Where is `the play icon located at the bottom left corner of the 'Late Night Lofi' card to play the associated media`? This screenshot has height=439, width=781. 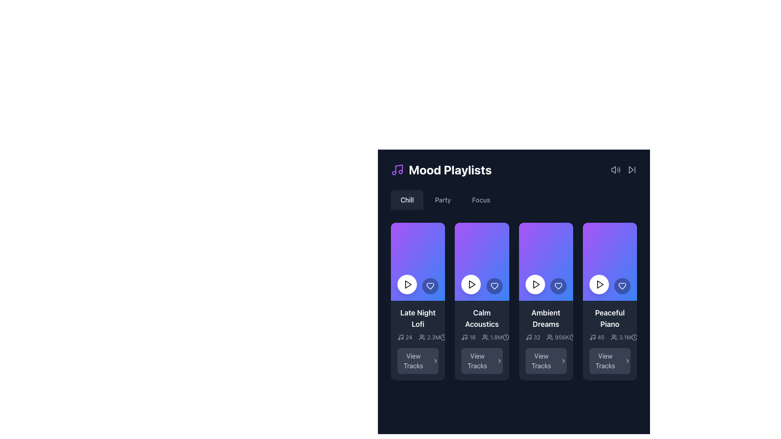
the play icon located at the bottom left corner of the 'Late Night Lofi' card to play the associated media is located at coordinates (408, 284).